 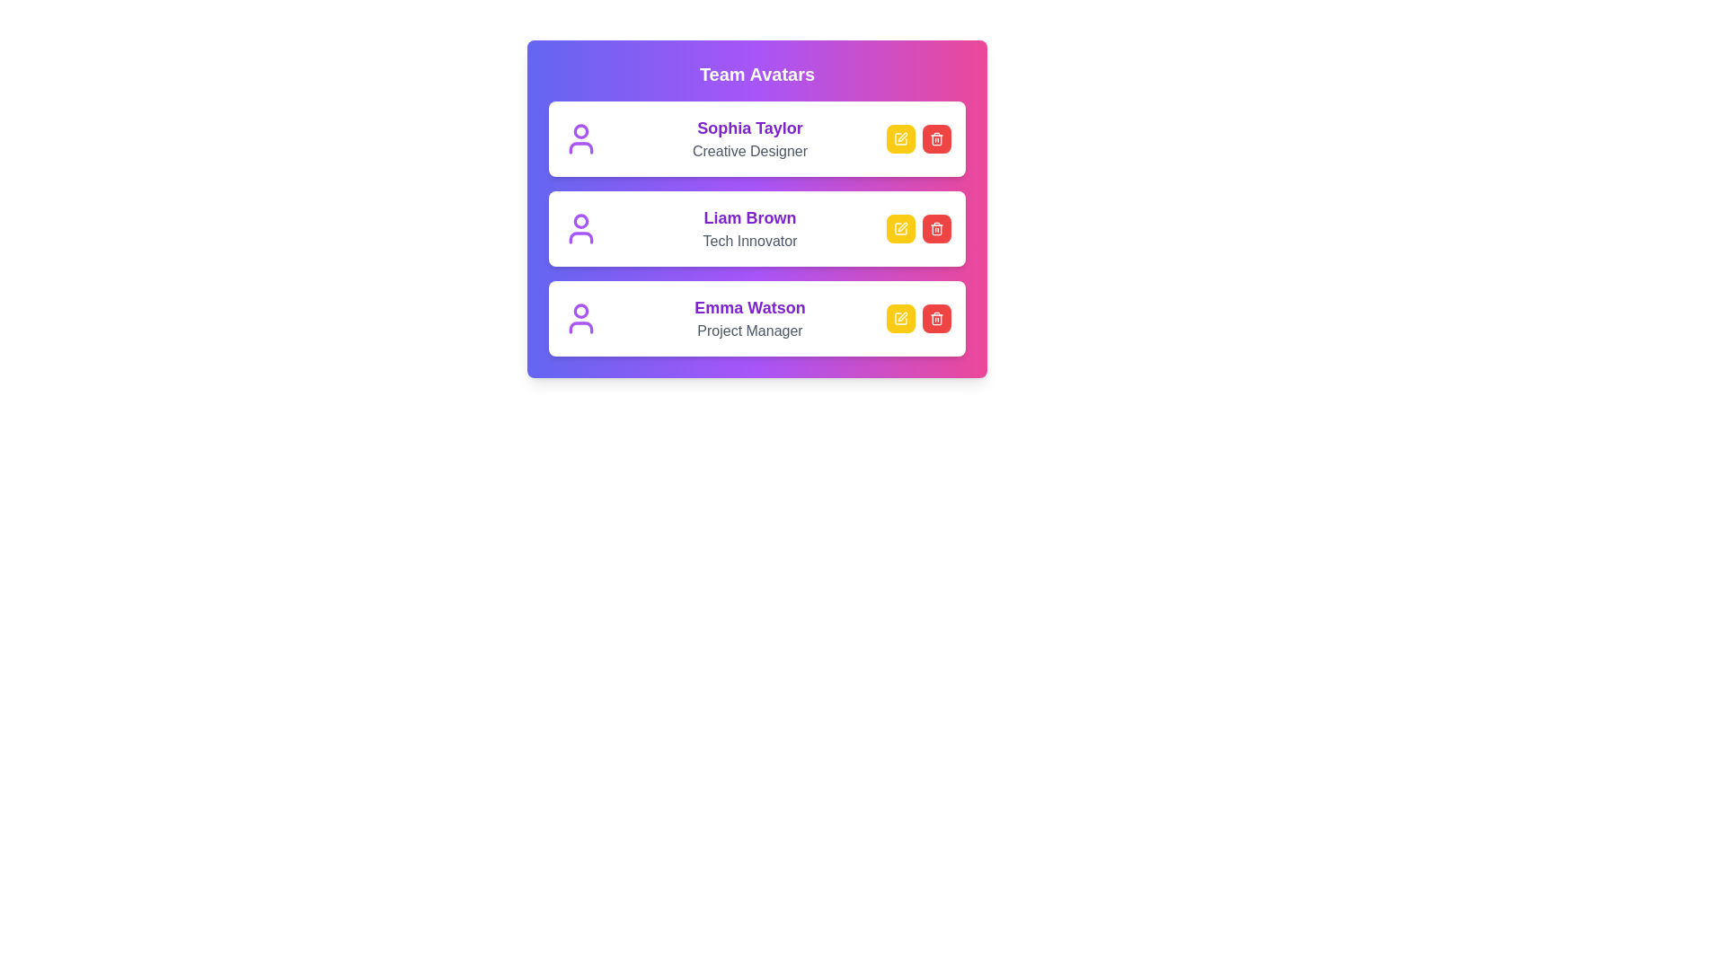 What do you see at coordinates (581, 310) in the screenshot?
I see `the avatar icon representing 'Emma Watson - Project Manager', located in the third row of the list` at bounding box center [581, 310].